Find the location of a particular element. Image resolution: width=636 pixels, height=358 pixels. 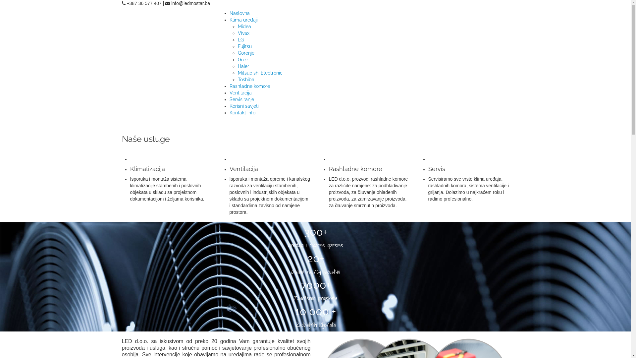

'Servisiranje' is located at coordinates (241, 99).